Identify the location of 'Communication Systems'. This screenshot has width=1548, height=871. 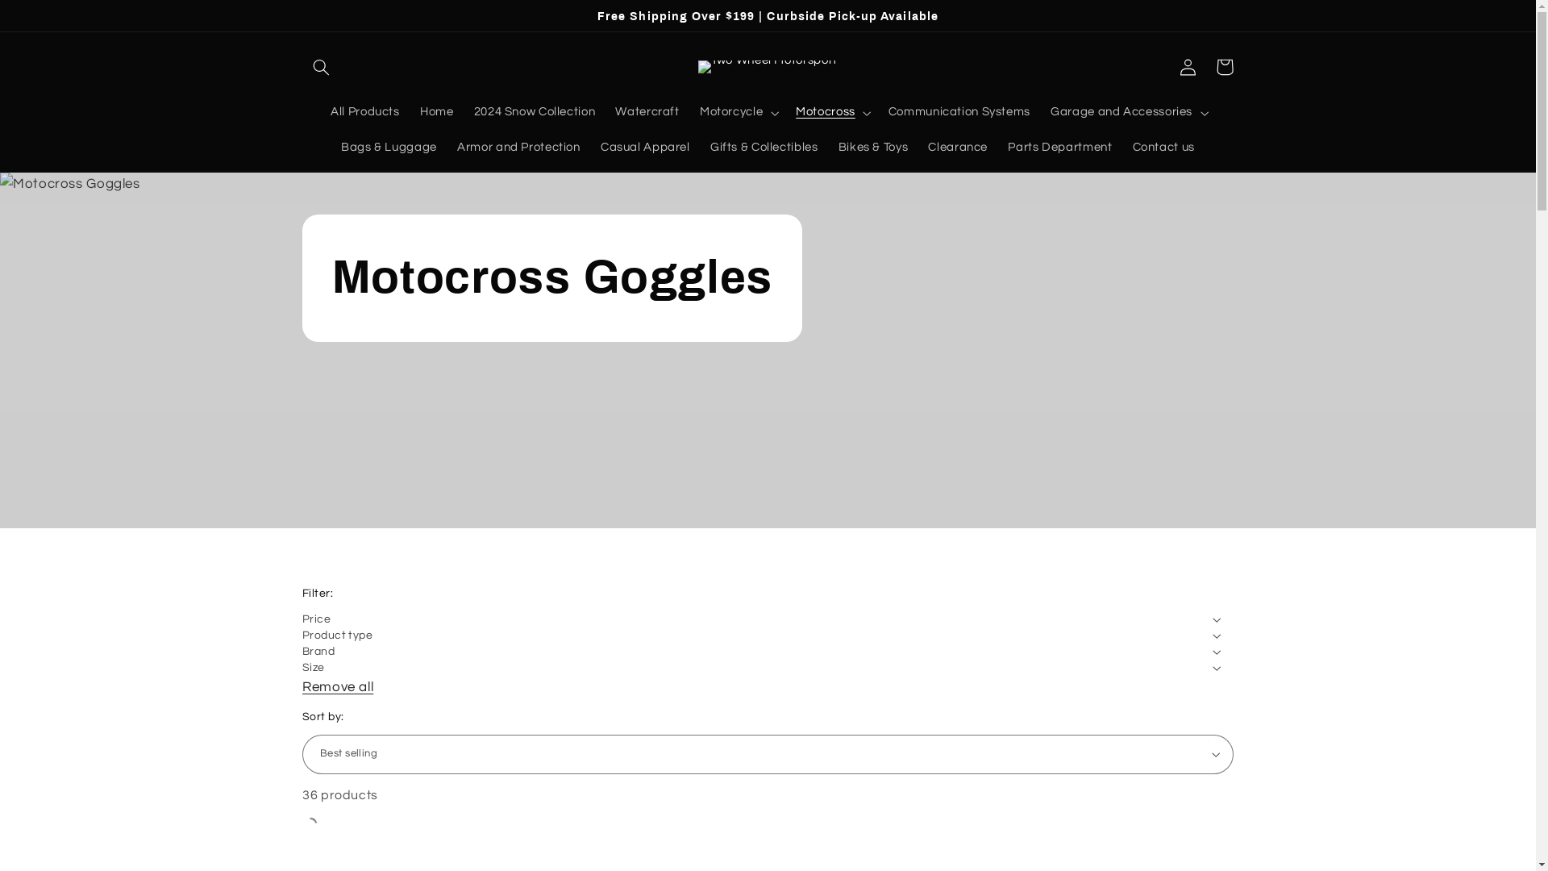
(959, 111).